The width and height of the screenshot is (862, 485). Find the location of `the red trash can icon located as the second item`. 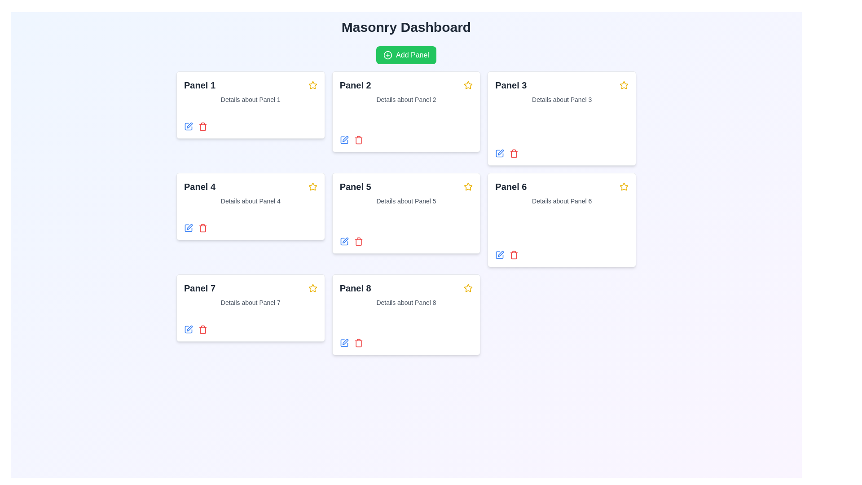

the red trash can icon located as the second item is located at coordinates (514, 255).